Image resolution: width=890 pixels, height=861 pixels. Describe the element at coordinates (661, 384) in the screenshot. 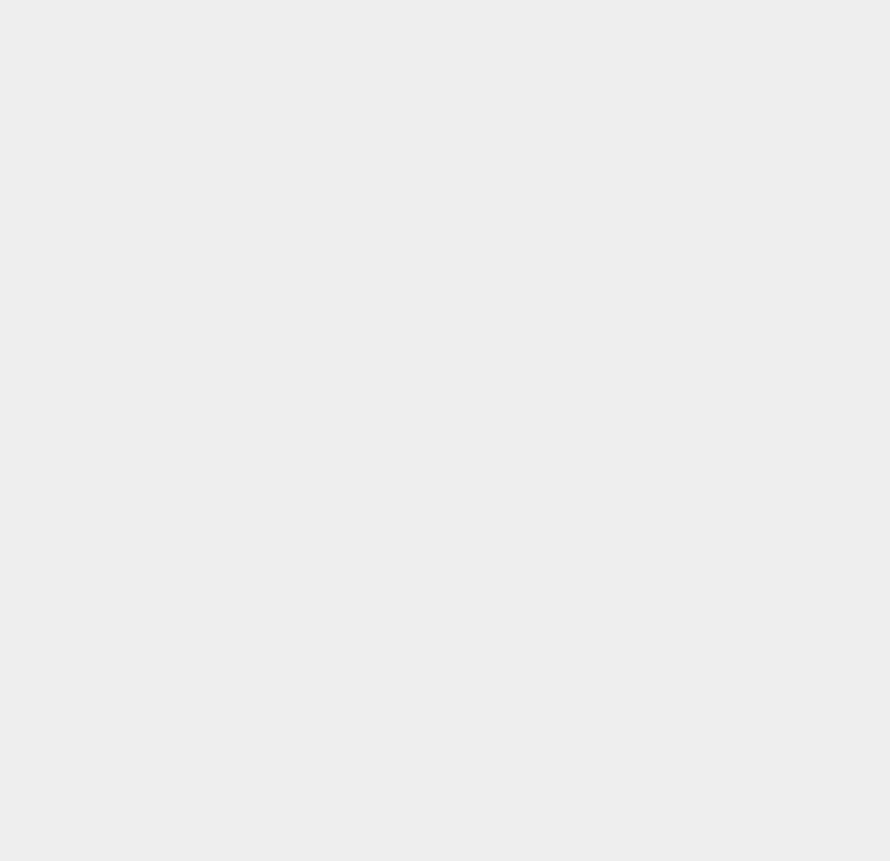

I see `'GreenPois0n'` at that location.